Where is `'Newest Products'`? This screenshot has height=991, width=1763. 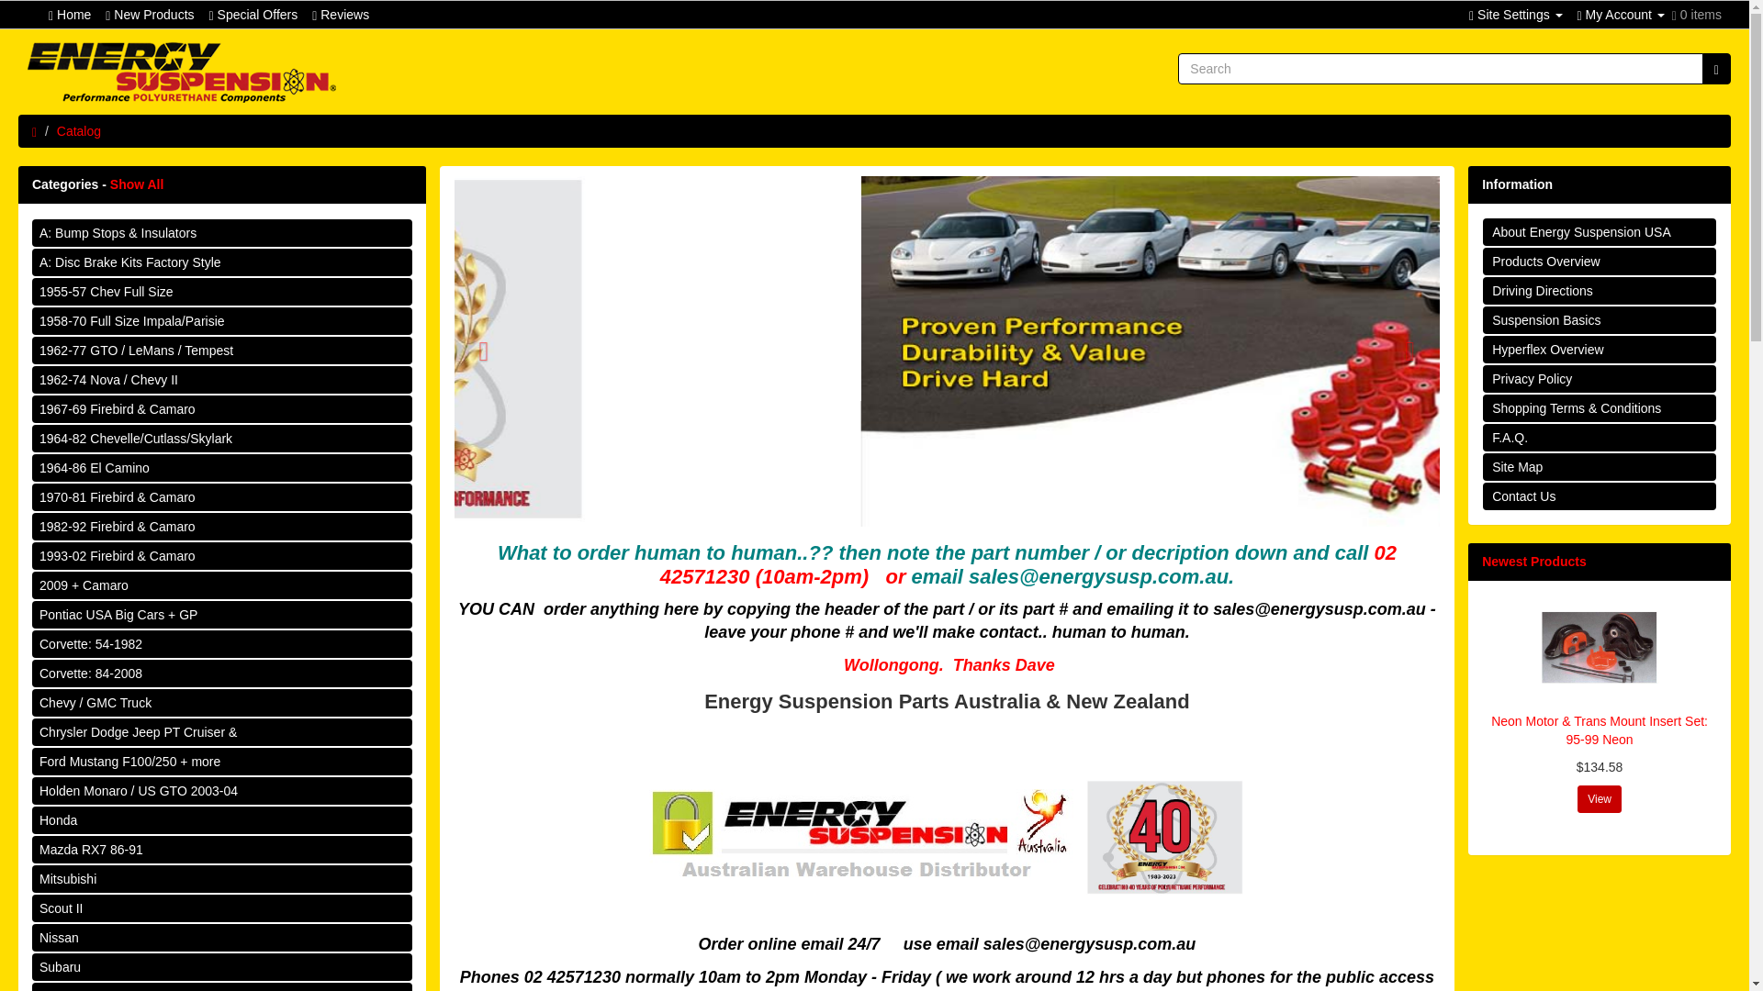 'Newest Products' is located at coordinates (1533, 561).